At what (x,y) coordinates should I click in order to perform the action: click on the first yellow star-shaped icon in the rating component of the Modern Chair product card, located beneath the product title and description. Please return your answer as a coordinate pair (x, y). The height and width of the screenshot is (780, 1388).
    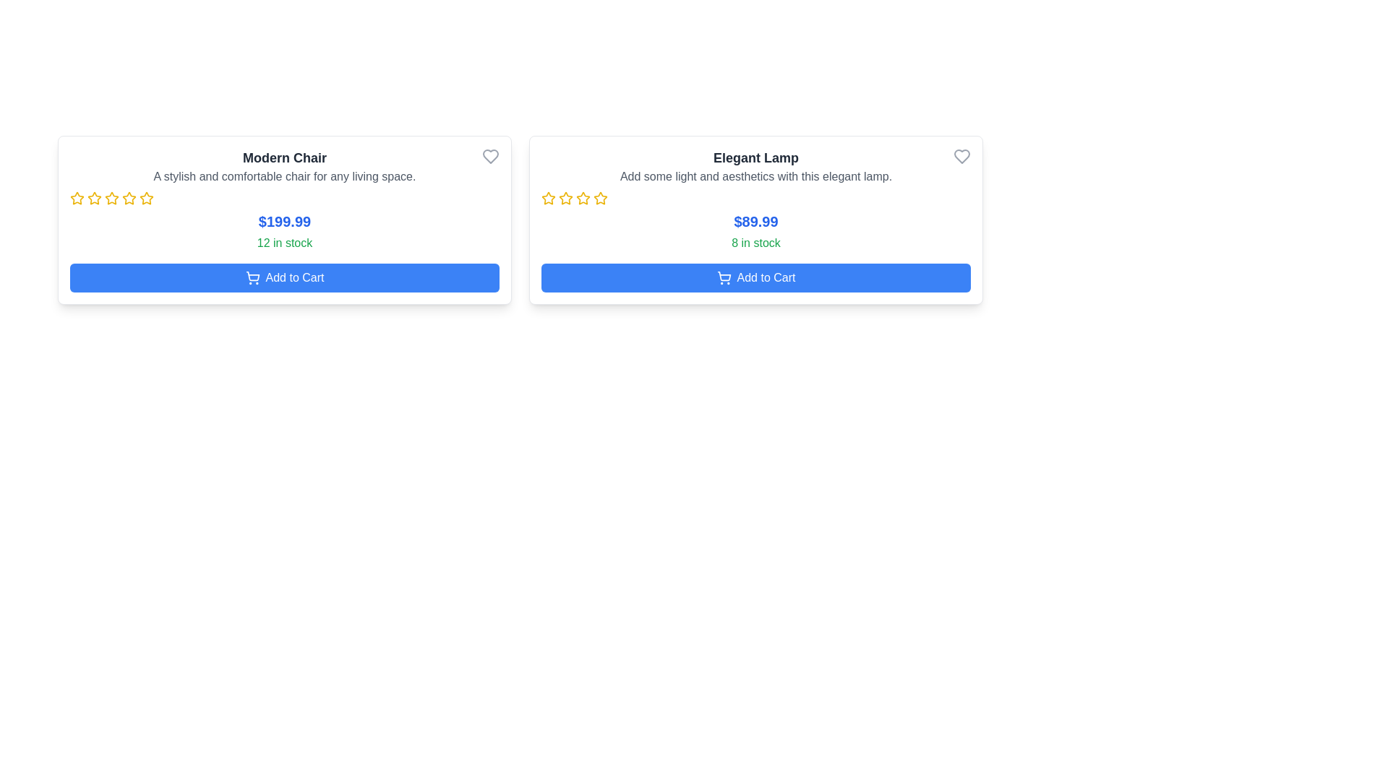
    Looking at the image, I should click on (76, 198).